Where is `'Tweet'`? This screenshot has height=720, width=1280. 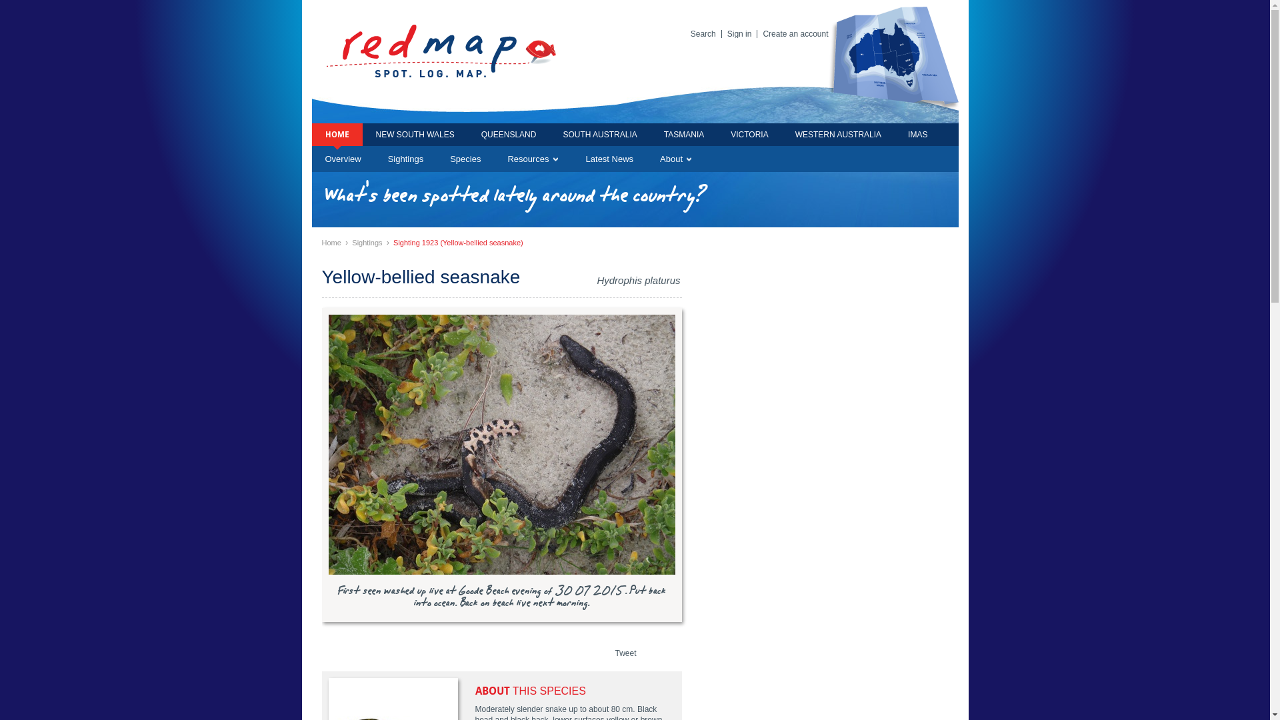
'Tweet' is located at coordinates (624, 652).